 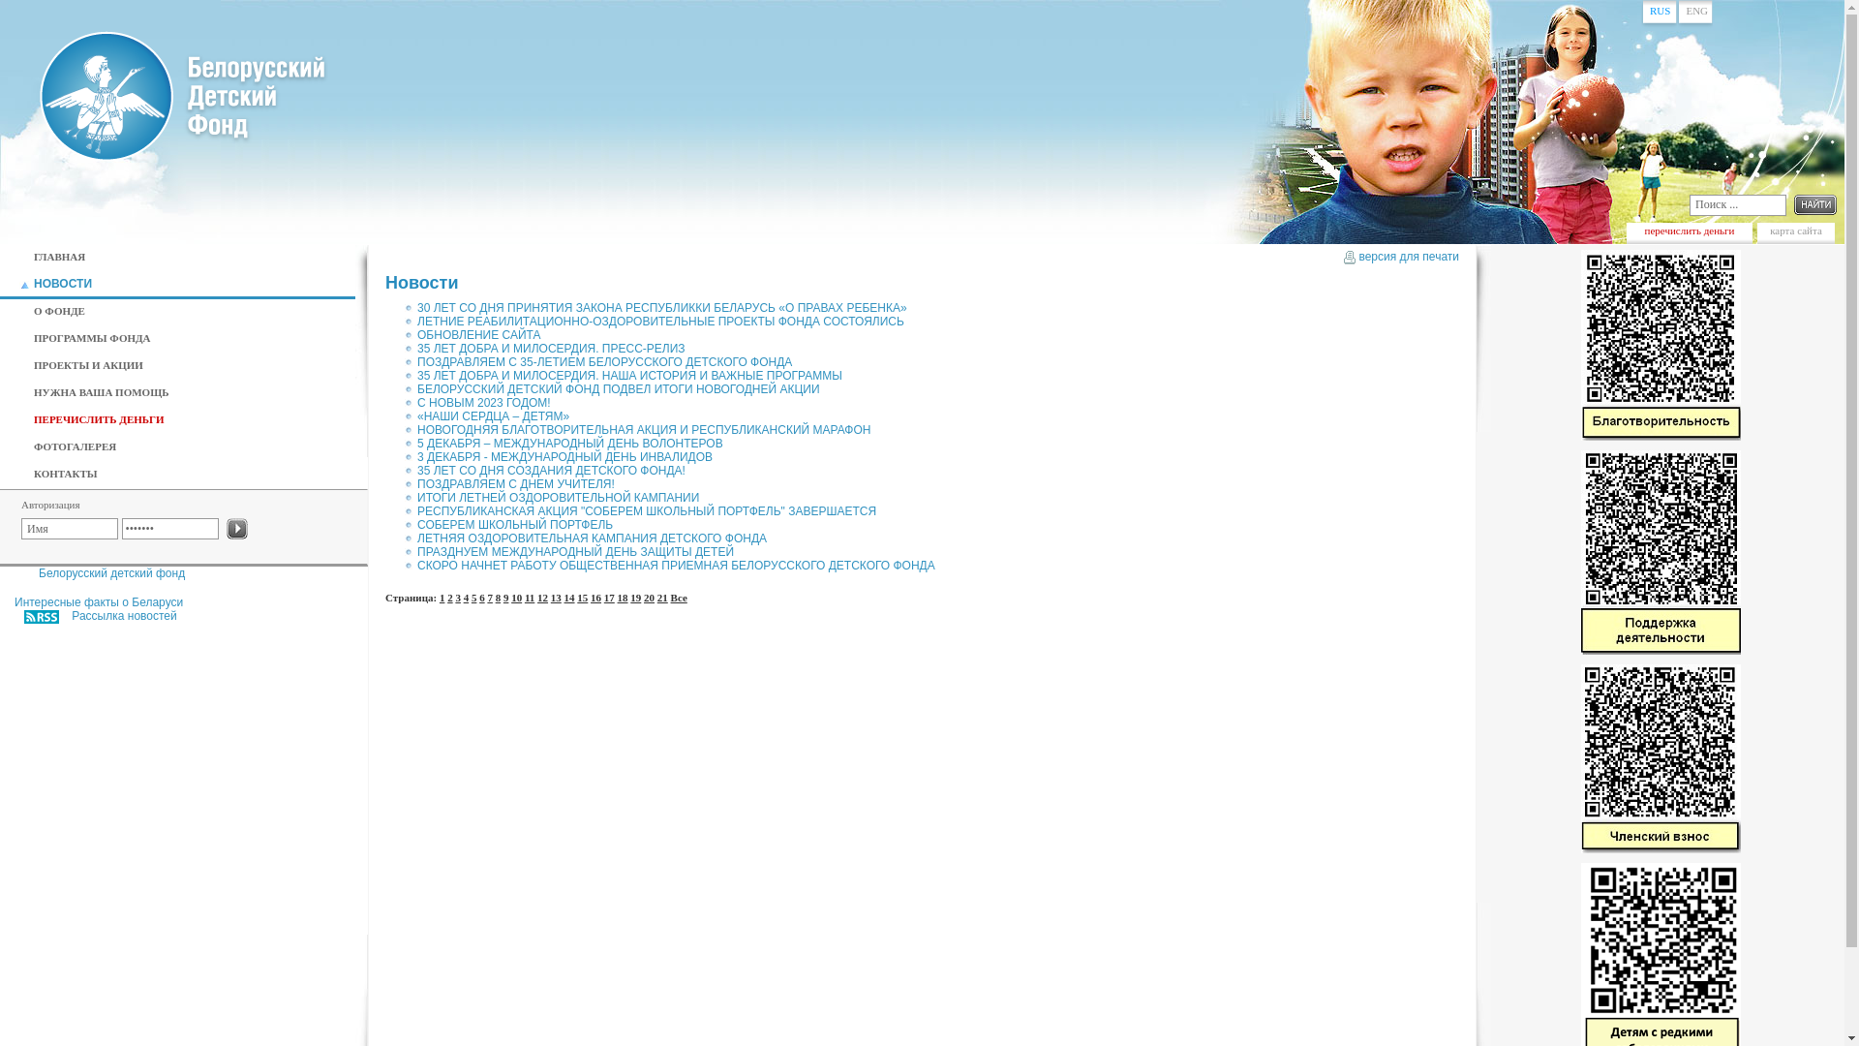 What do you see at coordinates (457, 592) in the screenshot?
I see `'3'` at bounding box center [457, 592].